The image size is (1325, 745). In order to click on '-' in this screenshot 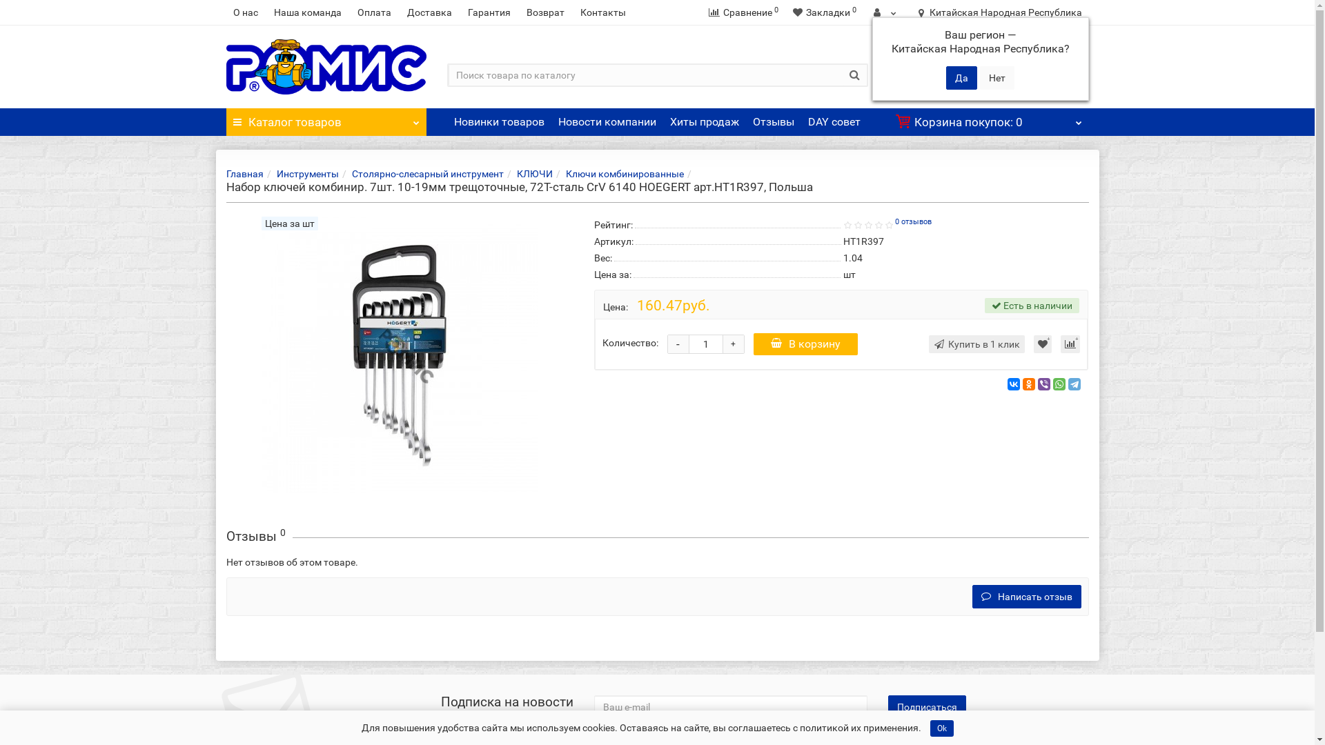, I will do `click(678, 343)`.